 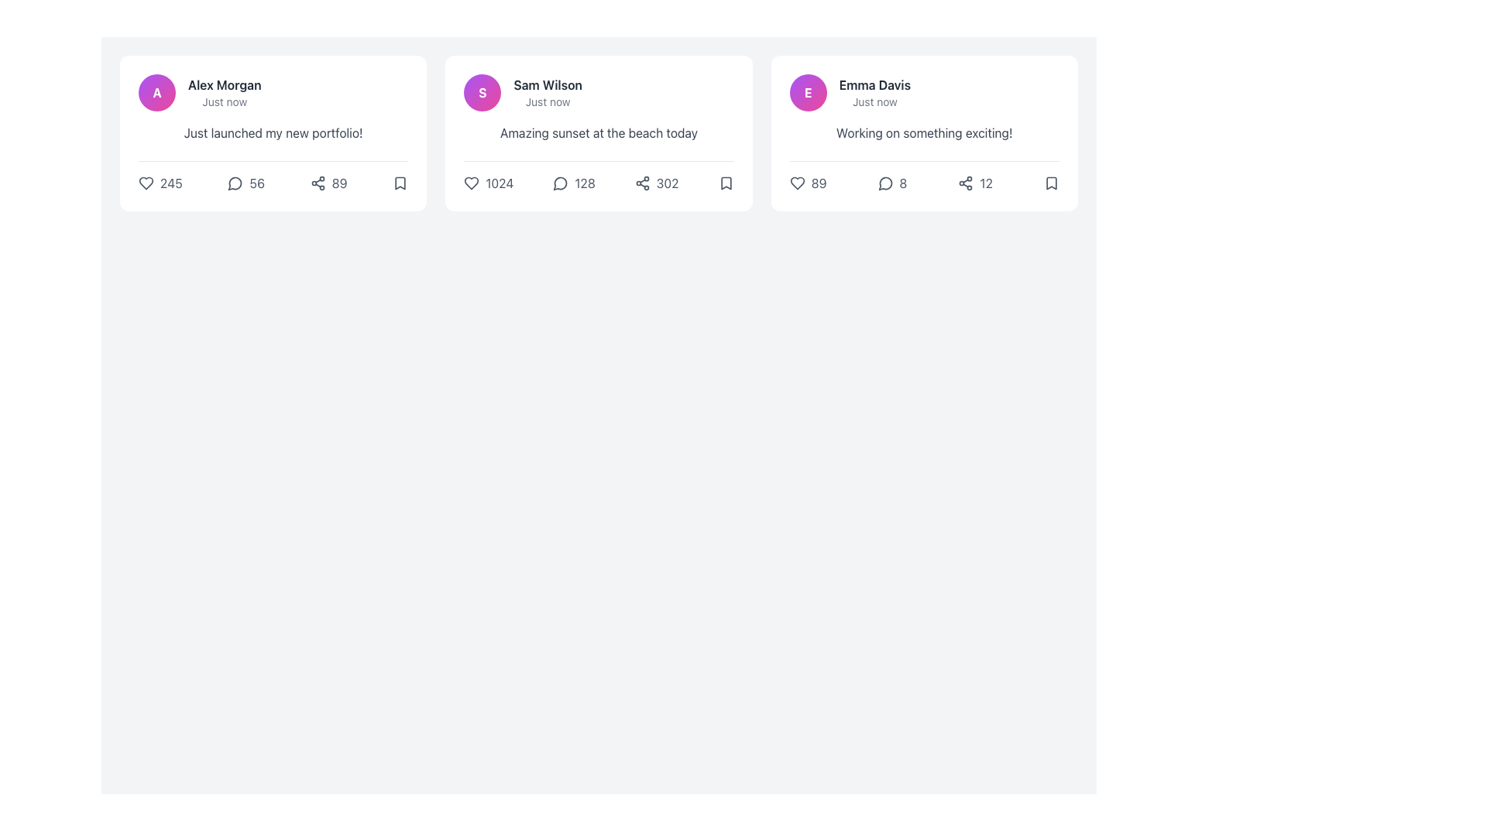 What do you see at coordinates (985, 182) in the screenshot?
I see `the numeric counter that indicates a total or statistic, located in the third card at the bottom-right, next to the share icon` at bounding box center [985, 182].